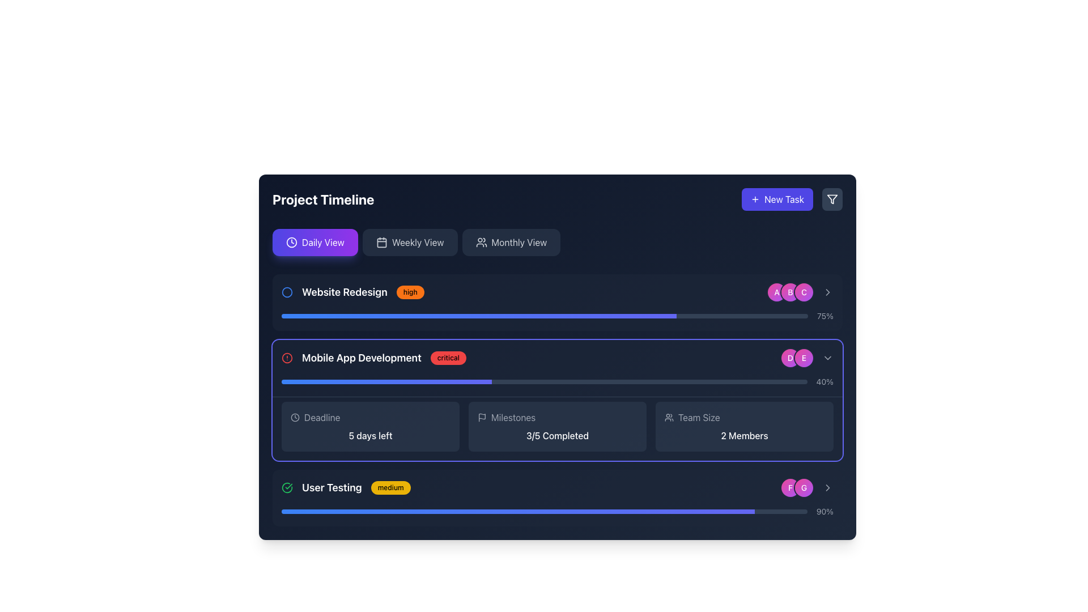 This screenshot has height=612, width=1088. I want to click on the text label indicating the deadline information for the 'Mobile App Development' section, so click(321, 417).